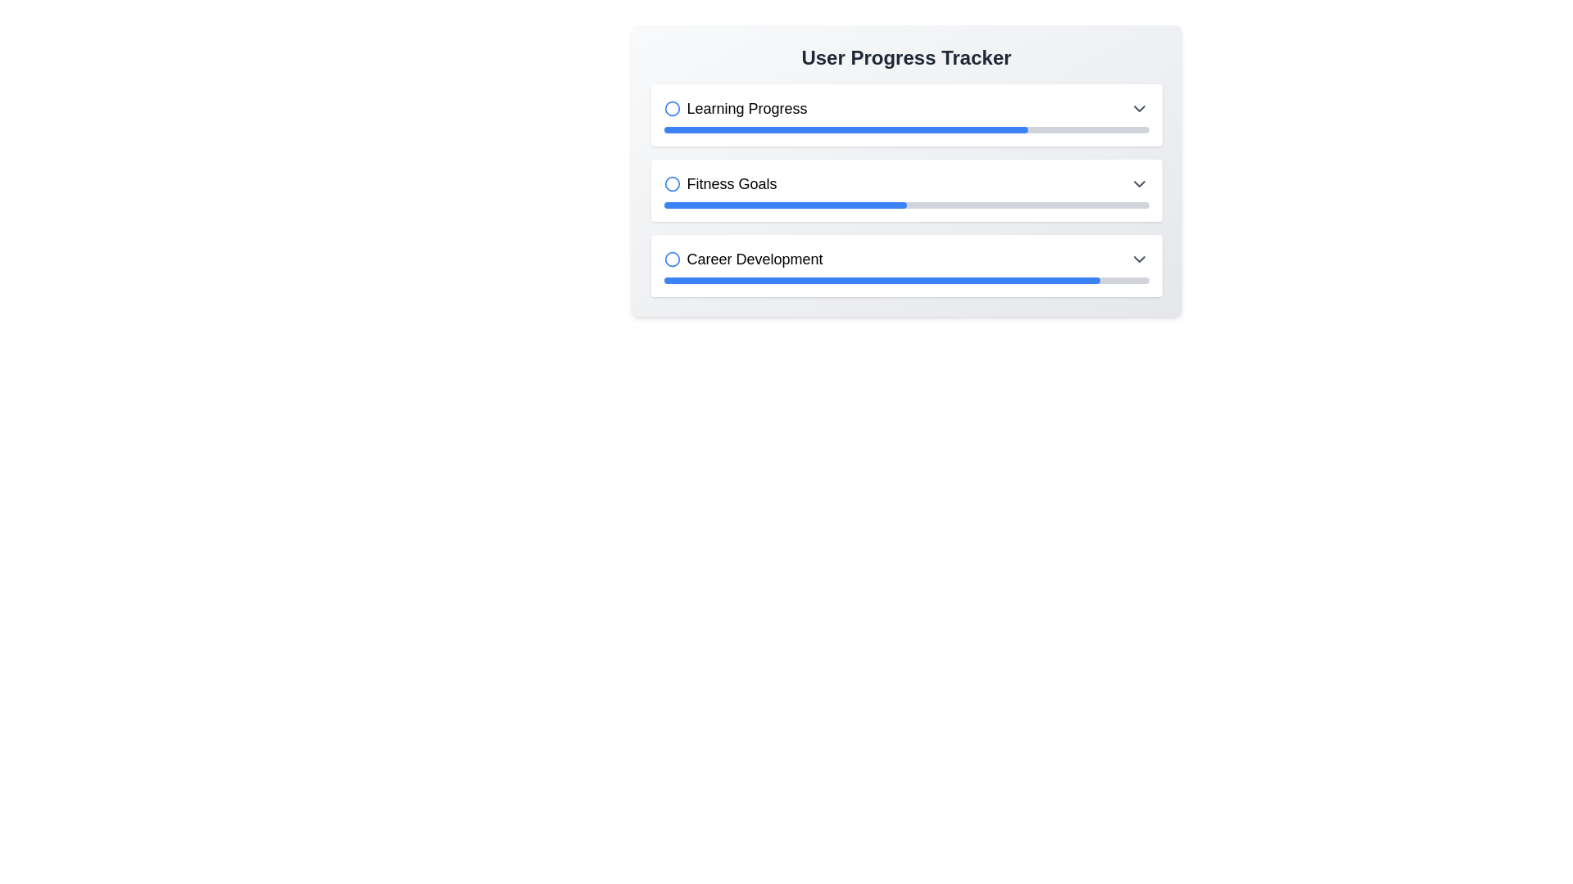 This screenshot has width=1573, height=884. Describe the element at coordinates (672, 183) in the screenshot. I see `the circular SVG icon with a blue stroke located to the left of the 'Fitness Goals' progress bar` at that location.